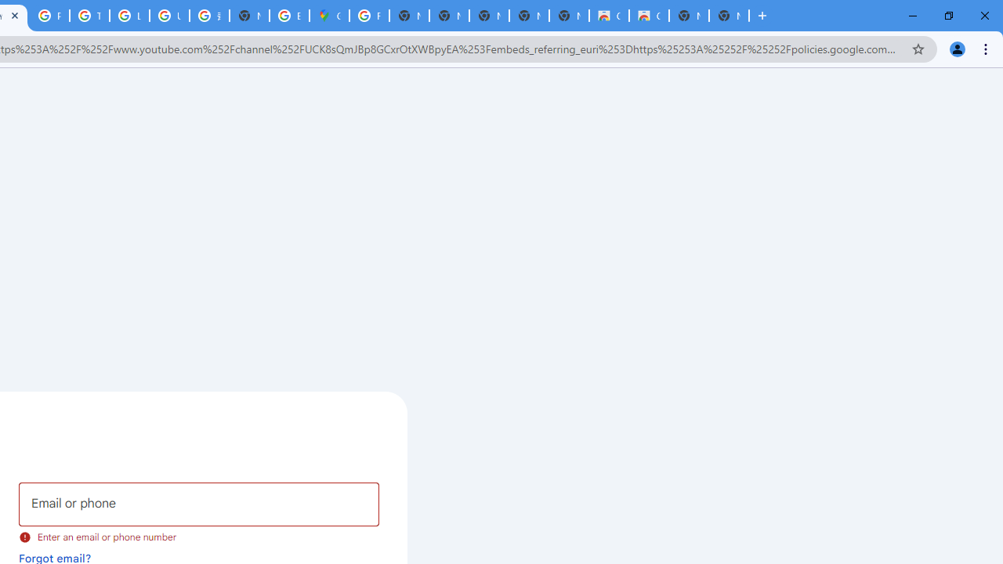  What do you see at coordinates (328, 16) in the screenshot?
I see `'Google Maps'` at bounding box center [328, 16].